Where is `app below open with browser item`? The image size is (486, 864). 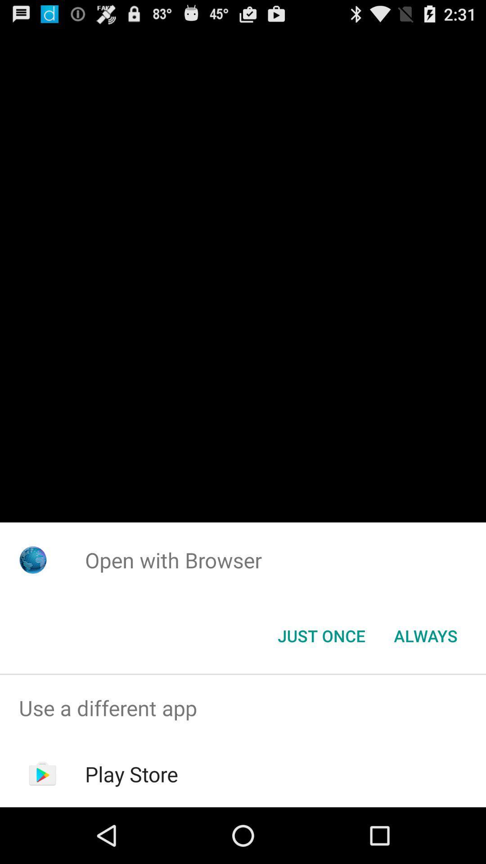 app below open with browser item is located at coordinates (425, 635).